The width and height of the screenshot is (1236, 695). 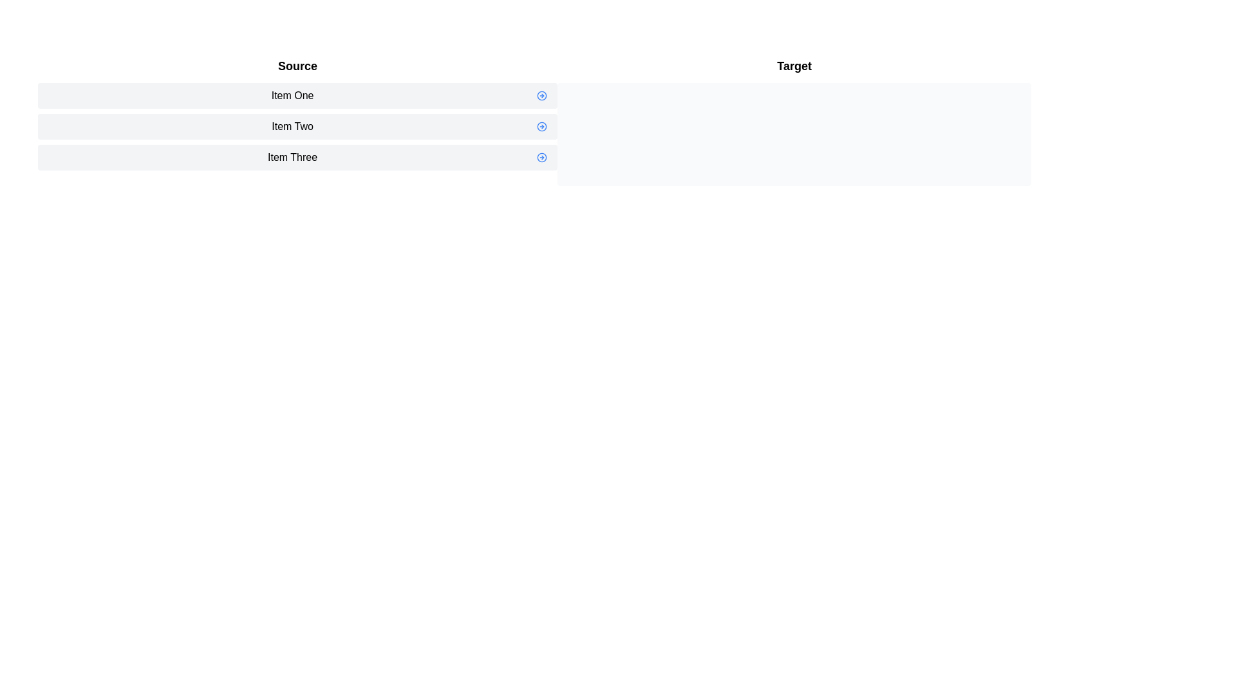 I want to click on the Text label that serves as a static header or section title, located at the top-left section of the interface, so click(x=794, y=66).